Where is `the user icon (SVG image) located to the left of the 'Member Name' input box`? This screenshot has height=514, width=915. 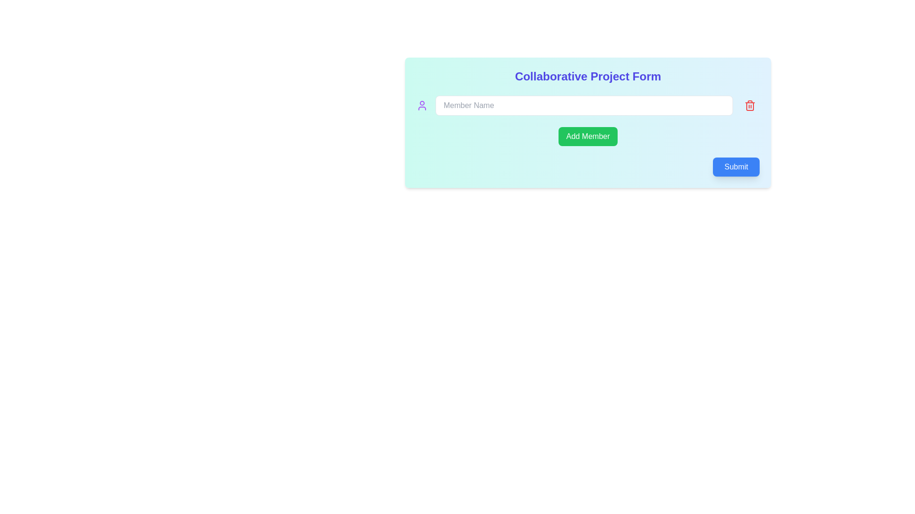 the user icon (SVG image) located to the left of the 'Member Name' input box is located at coordinates (422, 106).